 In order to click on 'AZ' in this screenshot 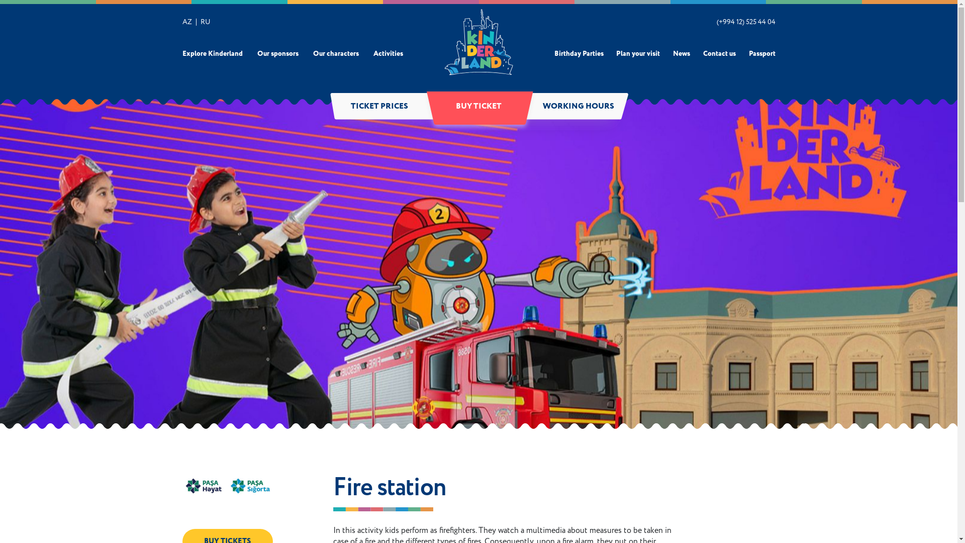, I will do `click(186, 22)`.